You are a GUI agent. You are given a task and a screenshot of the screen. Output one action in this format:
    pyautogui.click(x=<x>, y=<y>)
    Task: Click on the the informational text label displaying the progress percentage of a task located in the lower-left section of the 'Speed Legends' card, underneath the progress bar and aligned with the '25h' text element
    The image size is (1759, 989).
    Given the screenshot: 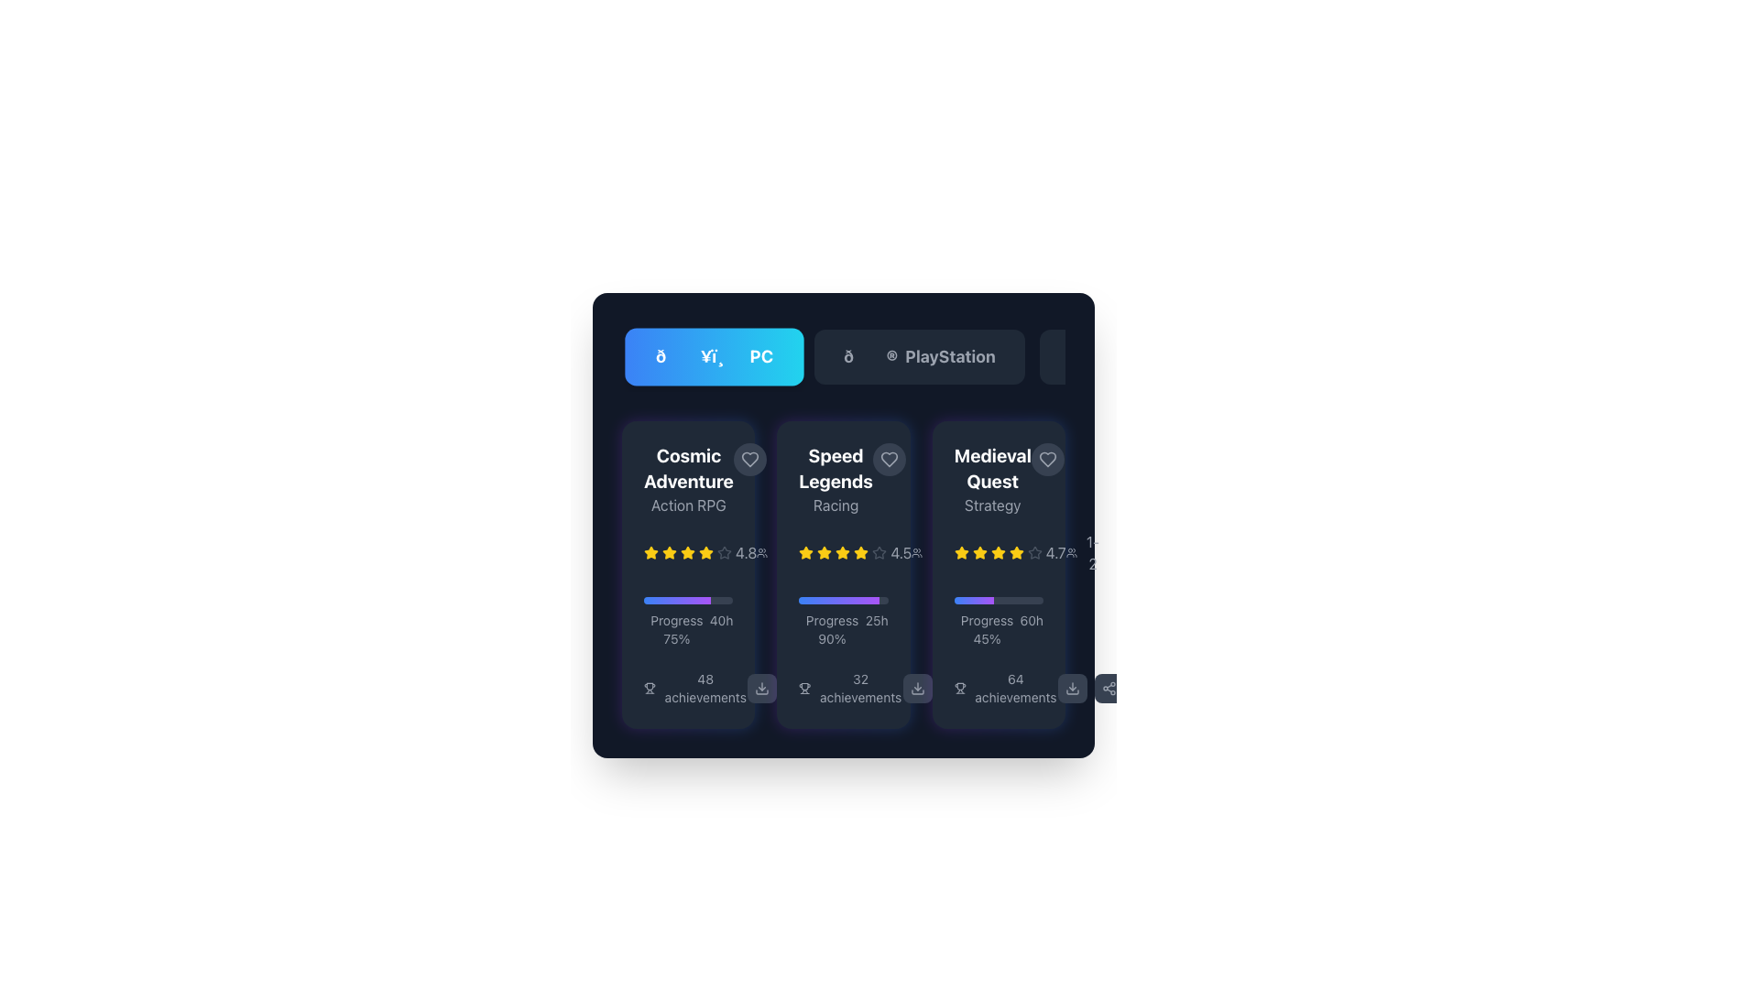 What is the action you would take?
    pyautogui.click(x=831, y=628)
    